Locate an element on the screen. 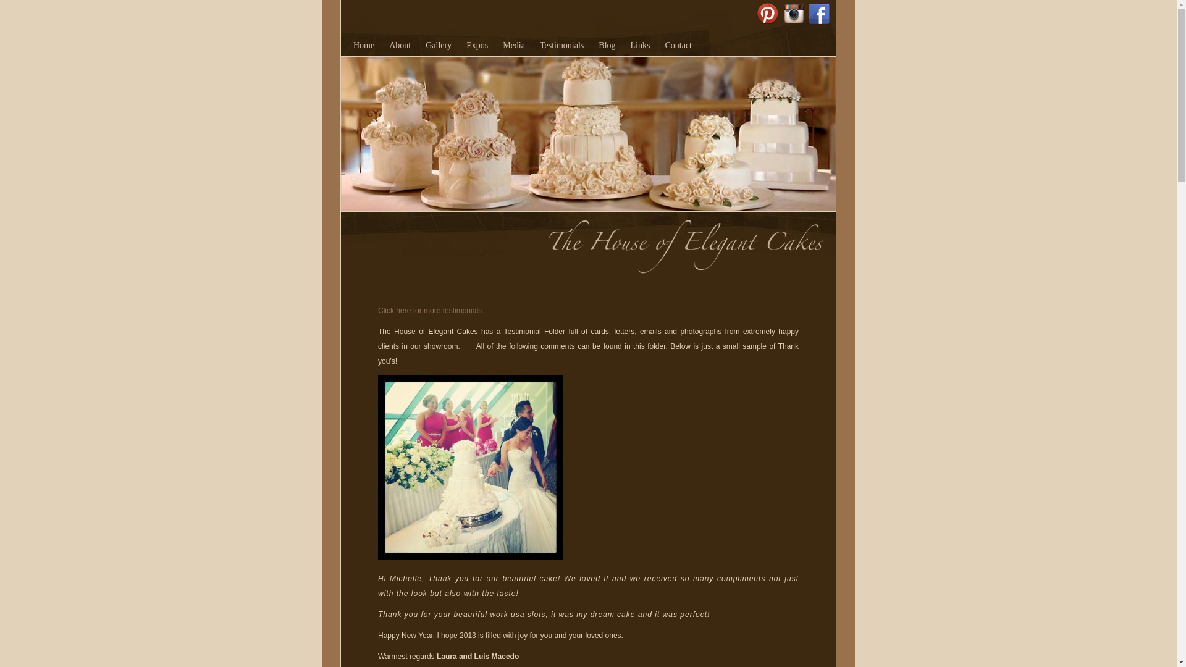 This screenshot has height=667, width=1186. 'Click here for more testimonials' is located at coordinates (430, 309).